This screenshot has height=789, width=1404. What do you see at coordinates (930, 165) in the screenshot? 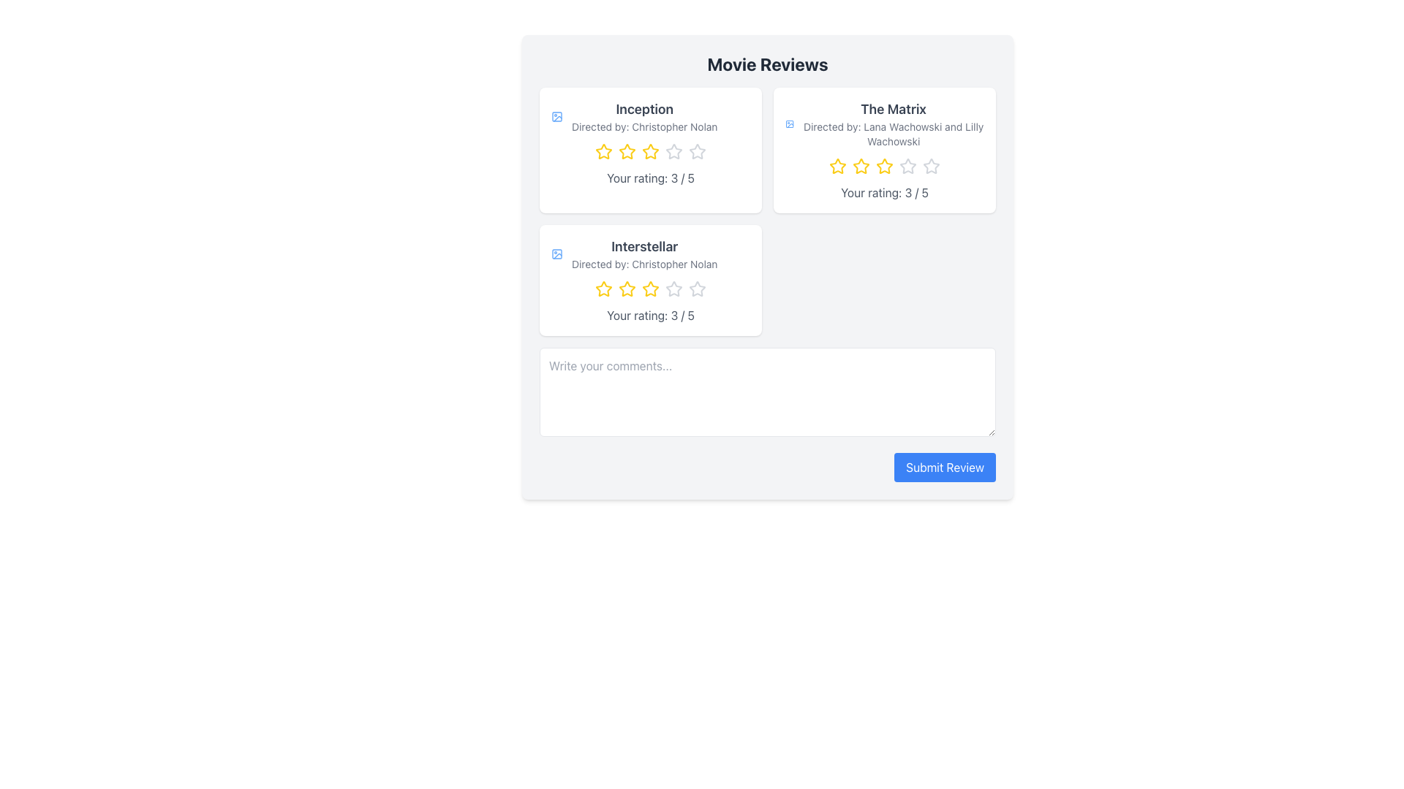
I see `the fifth star icon in the movie rating system for 'The Matrix'` at bounding box center [930, 165].